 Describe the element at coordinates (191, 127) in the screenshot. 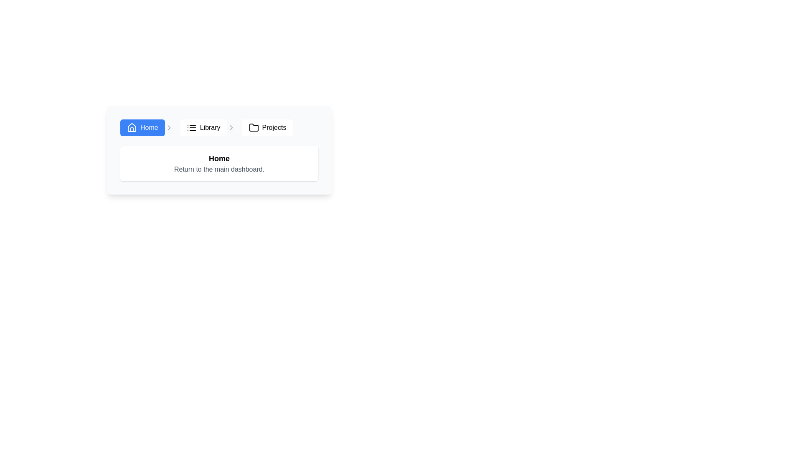

I see `the small list-like icon located to the left of the 'Library' text` at that location.